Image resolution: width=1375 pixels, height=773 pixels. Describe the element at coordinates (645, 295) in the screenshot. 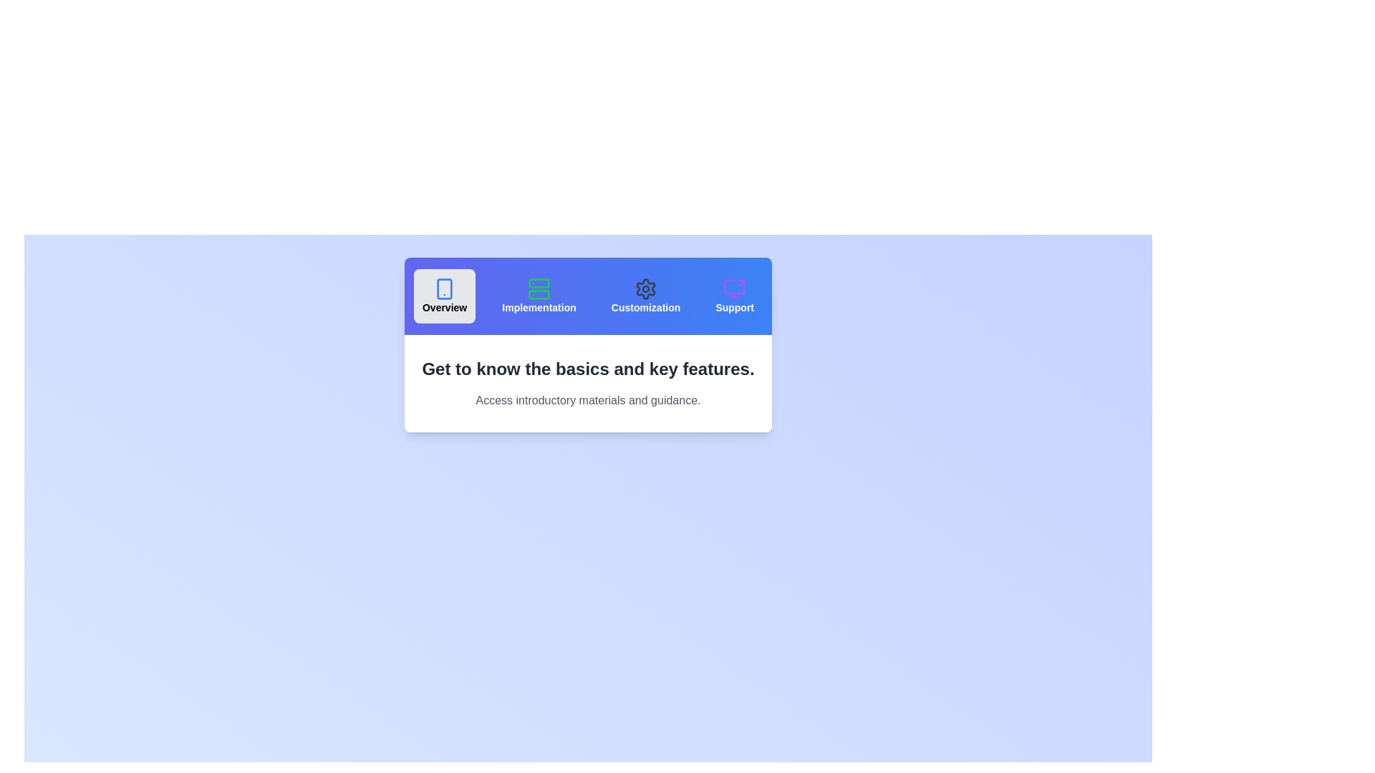

I see `the tab labeled Customization to view its details` at that location.